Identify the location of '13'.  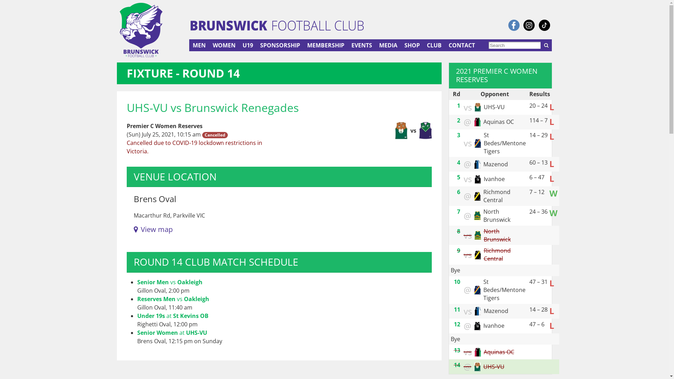
(456, 350).